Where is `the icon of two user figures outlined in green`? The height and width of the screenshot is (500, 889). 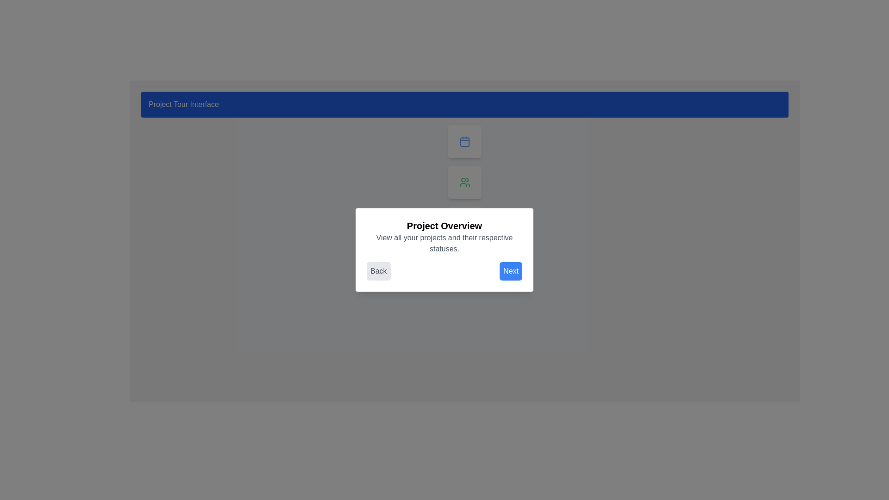
the icon of two user figures outlined in green is located at coordinates (464, 182).